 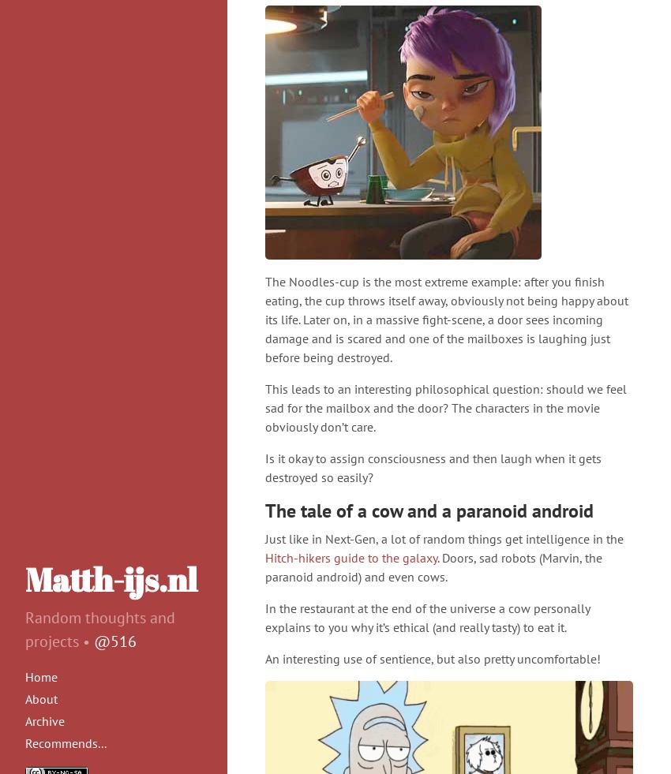 What do you see at coordinates (115, 641) in the screenshot?
I see `'@516'` at bounding box center [115, 641].